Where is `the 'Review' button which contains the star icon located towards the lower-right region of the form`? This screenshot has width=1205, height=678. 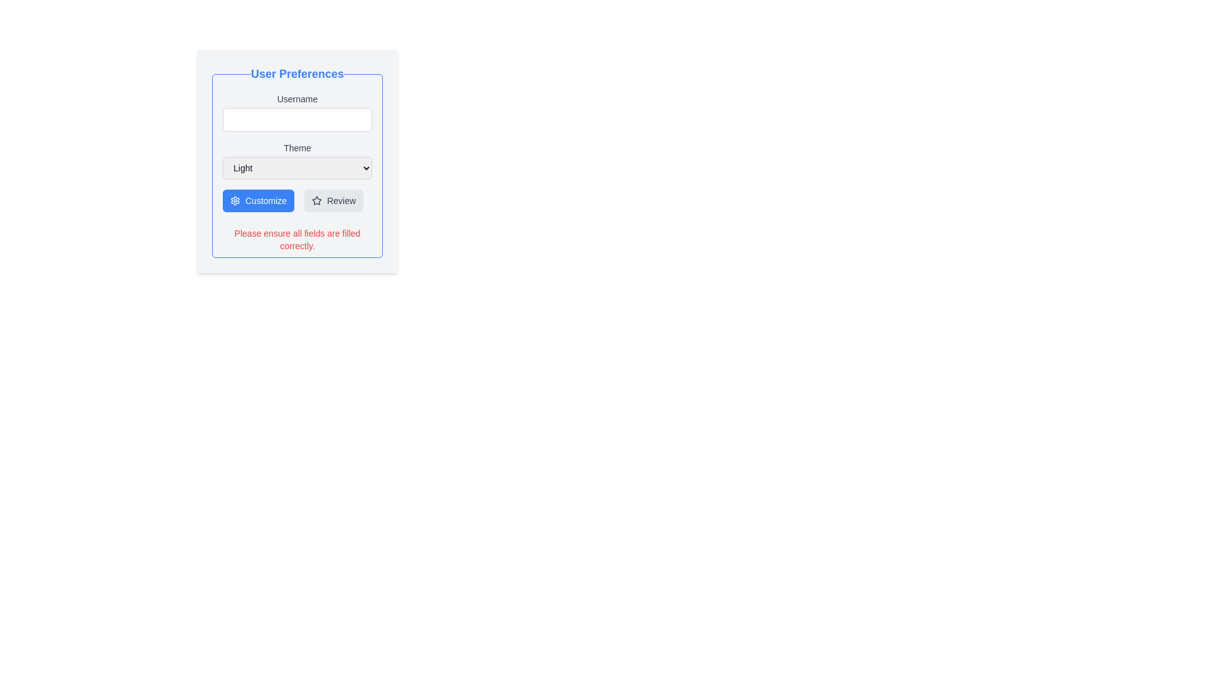 the 'Review' button which contains the star icon located towards the lower-right region of the form is located at coordinates (317, 200).